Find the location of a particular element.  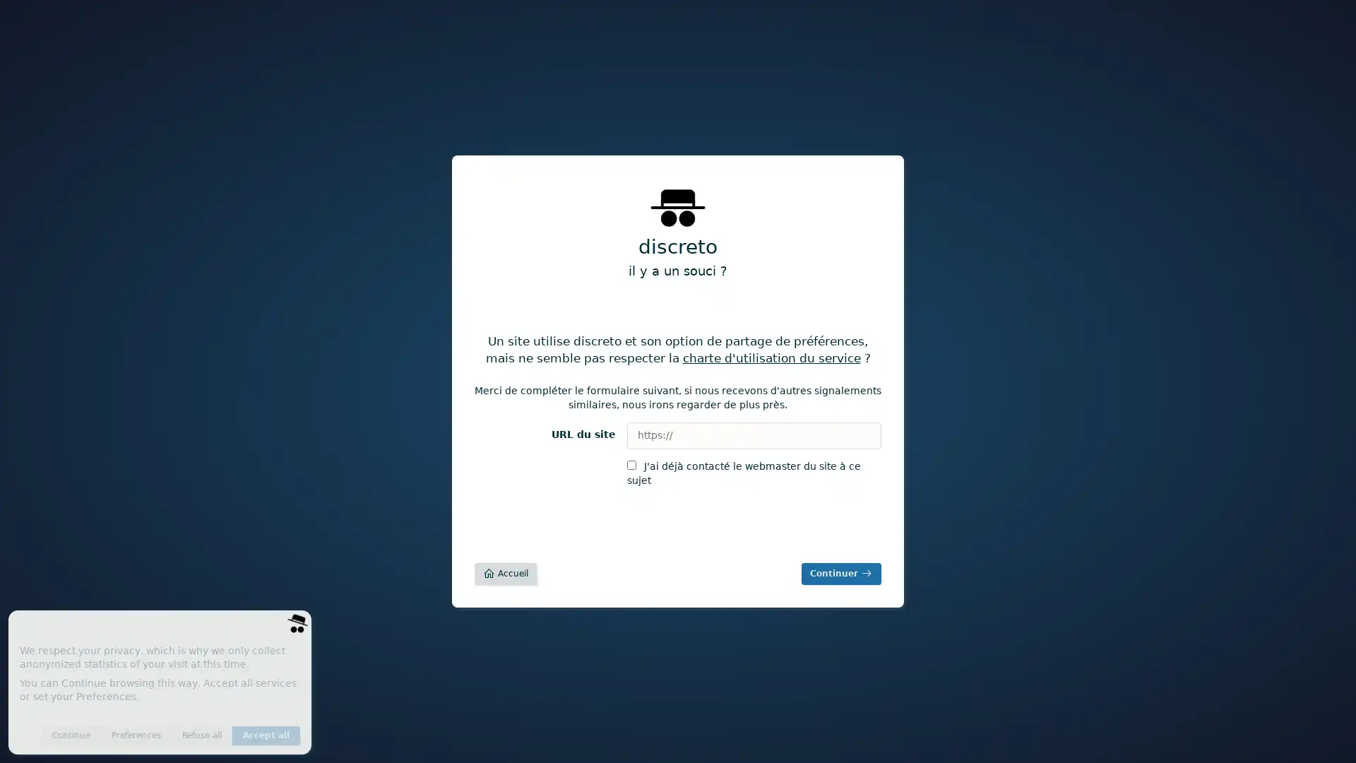

Accept all is located at coordinates (266, 735).